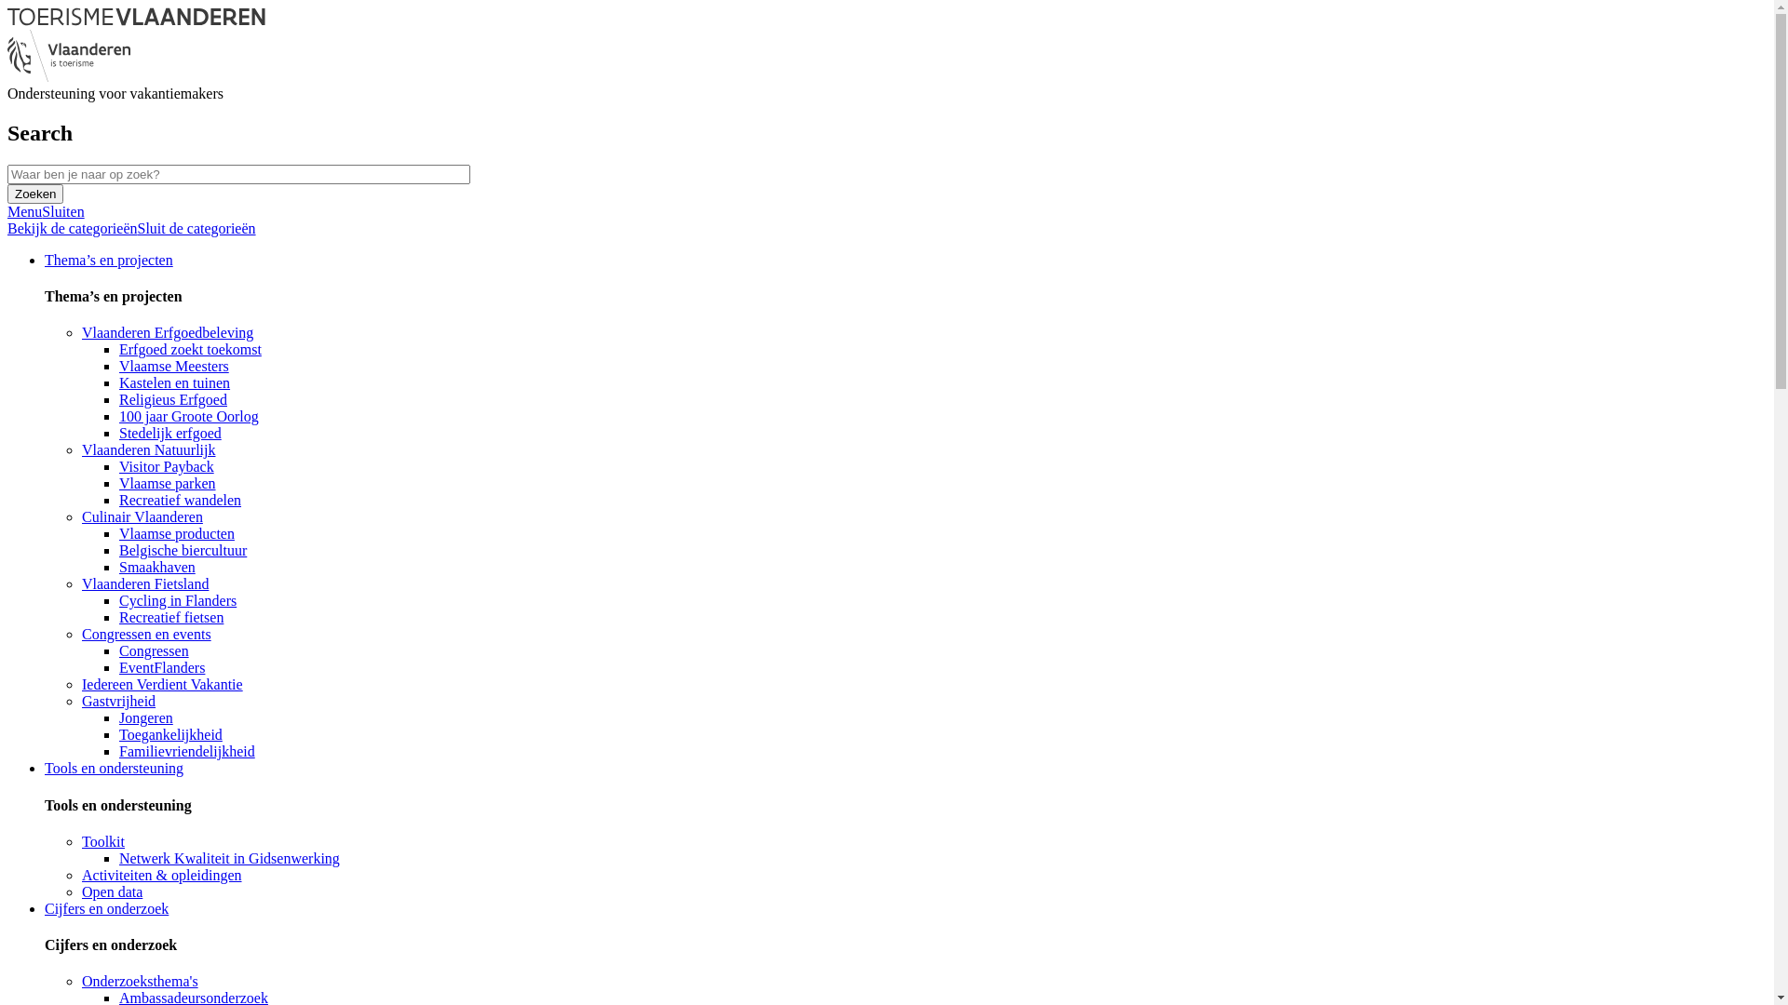 The image size is (1788, 1005). What do you see at coordinates (161, 875) in the screenshot?
I see `'Activiteiten & opleidingen'` at bounding box center [161, 875].